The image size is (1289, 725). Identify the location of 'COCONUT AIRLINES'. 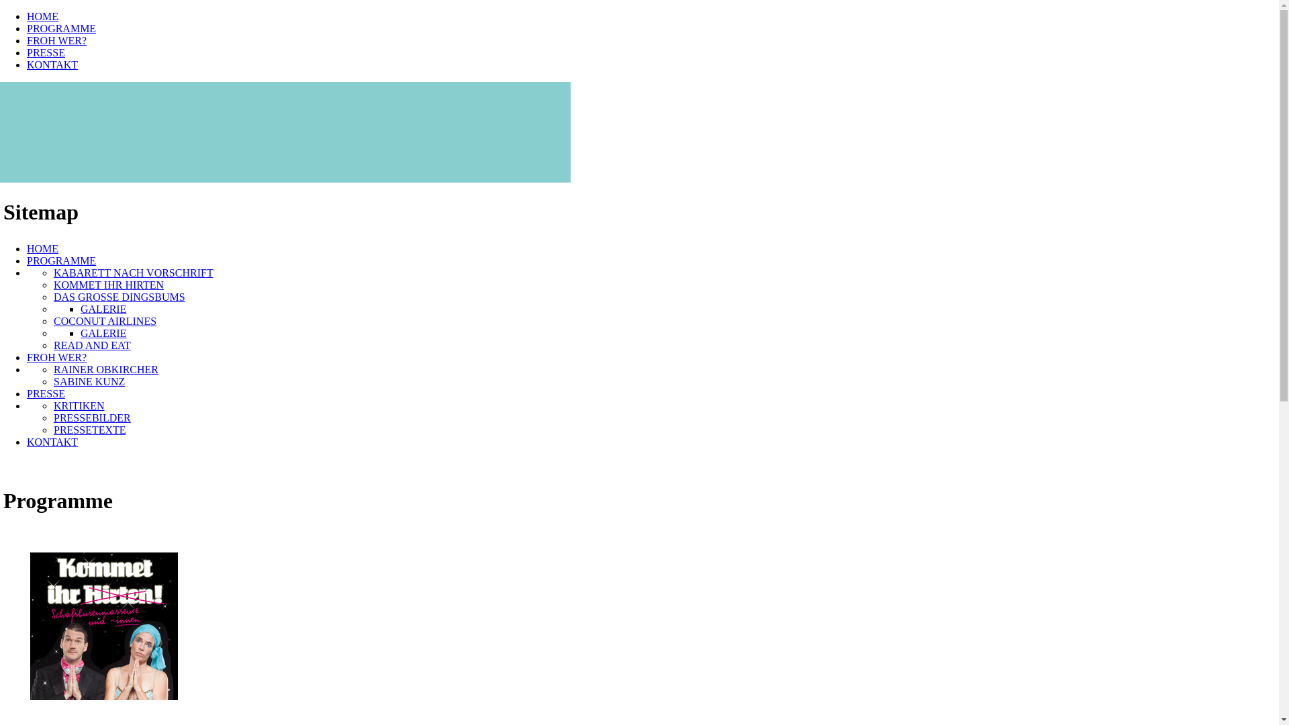
(104, 321).